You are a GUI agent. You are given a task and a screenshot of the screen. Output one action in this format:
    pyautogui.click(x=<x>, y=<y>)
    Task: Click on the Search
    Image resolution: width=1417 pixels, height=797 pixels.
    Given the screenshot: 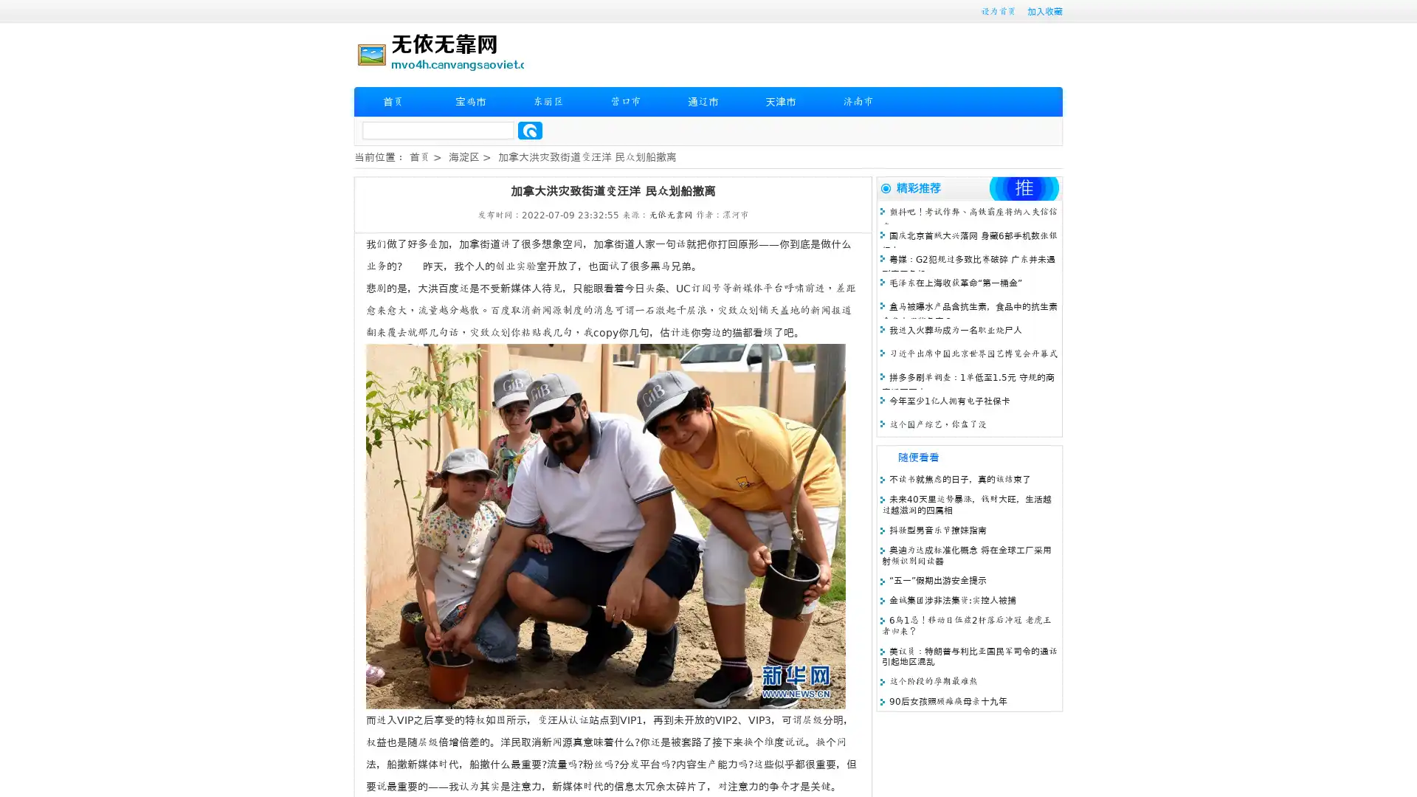 What is the action you would take?
    pyautogui.click(x=530, y=130)
    